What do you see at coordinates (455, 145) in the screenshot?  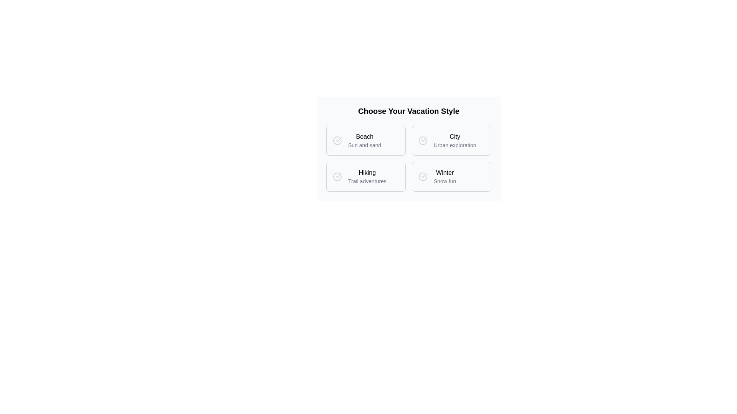 I see `the static text label that describes the 'City' vacation style option, located in the second column of a two-row by two-column grid, beneath the text 'City'` at bounding box center [455, 145].